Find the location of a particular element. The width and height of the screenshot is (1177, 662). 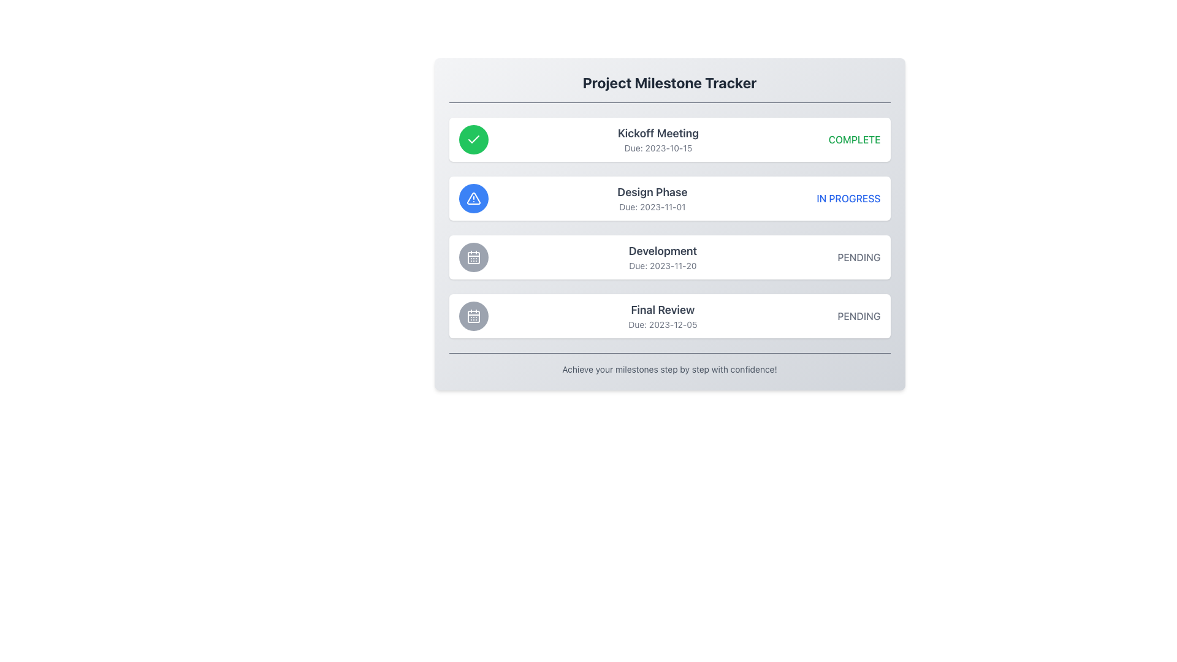

the text label indicating the due date for the associated milestone, located below the 'Final Review' text in the fourth progress card of the 'Project Milestone Tracker' interface is located at coordinates (662, 324).